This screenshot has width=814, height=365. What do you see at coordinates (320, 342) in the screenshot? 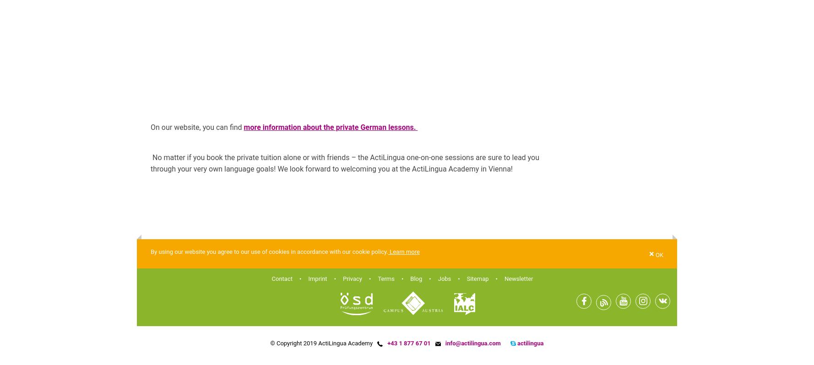
I see `'© Copyright 2019 ActiLingua Academy'` at bounding box center [320, 342].